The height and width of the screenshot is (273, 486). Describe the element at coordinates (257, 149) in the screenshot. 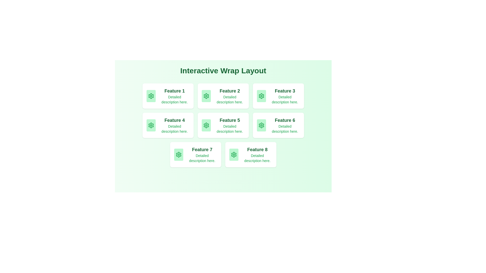

I see `the title Text label located in the bottom-right panel under the 'Interactive Wrap Layout', which serves as the heading for the feature panel` at that location.